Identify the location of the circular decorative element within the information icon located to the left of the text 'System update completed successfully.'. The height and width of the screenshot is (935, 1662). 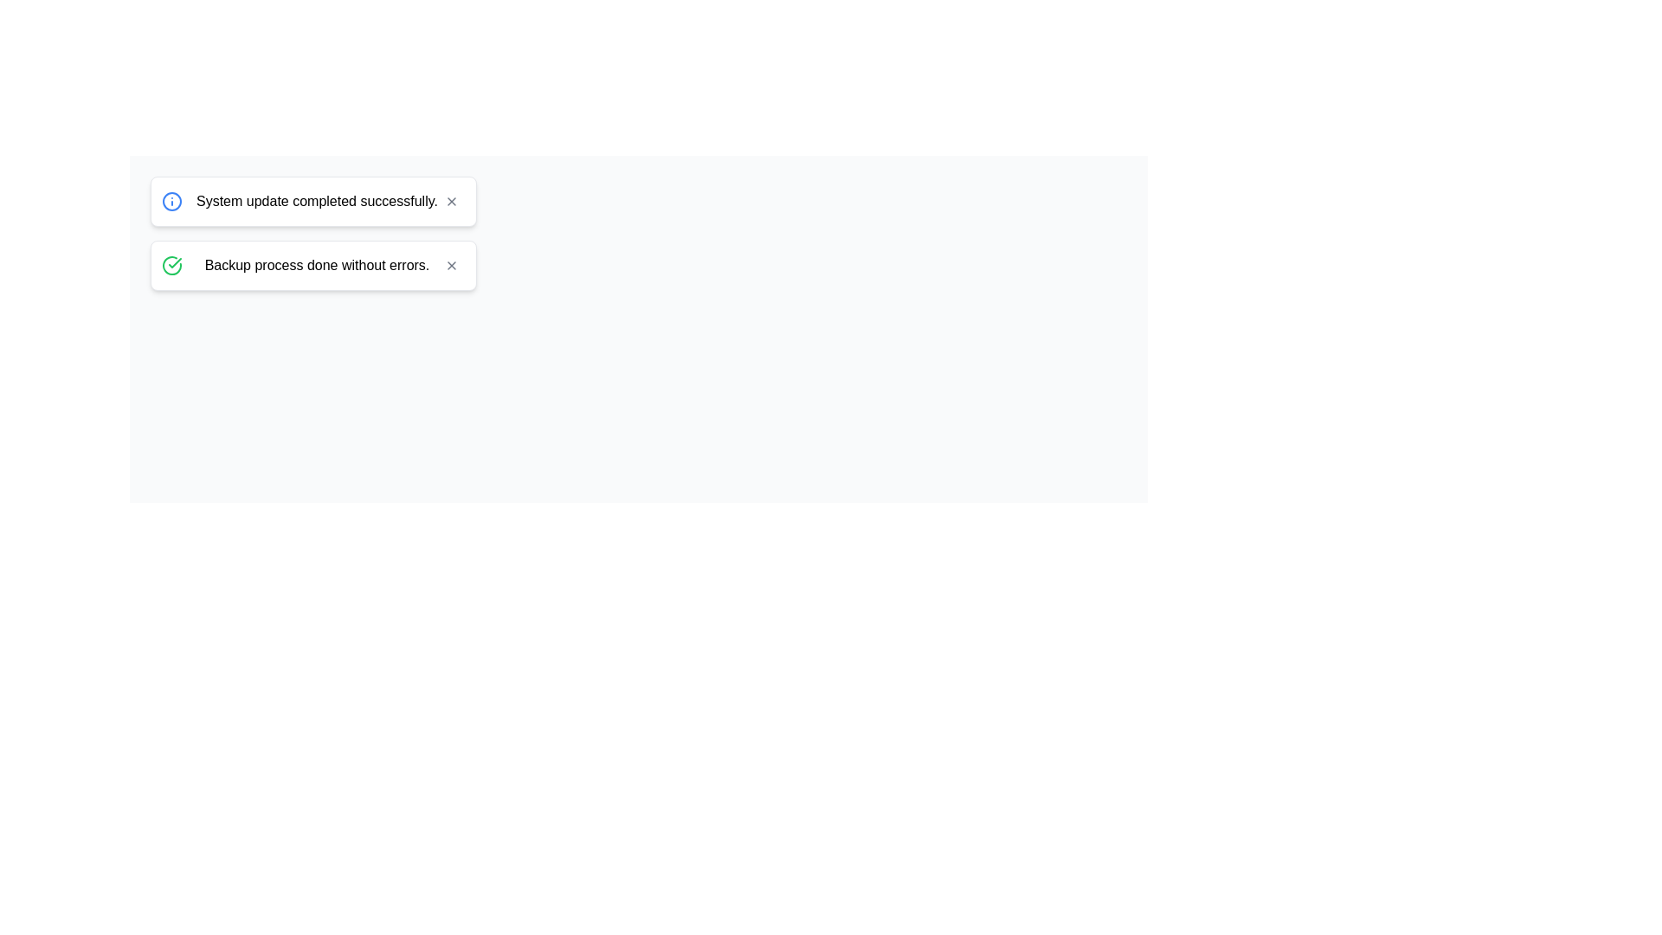
(171, 200).